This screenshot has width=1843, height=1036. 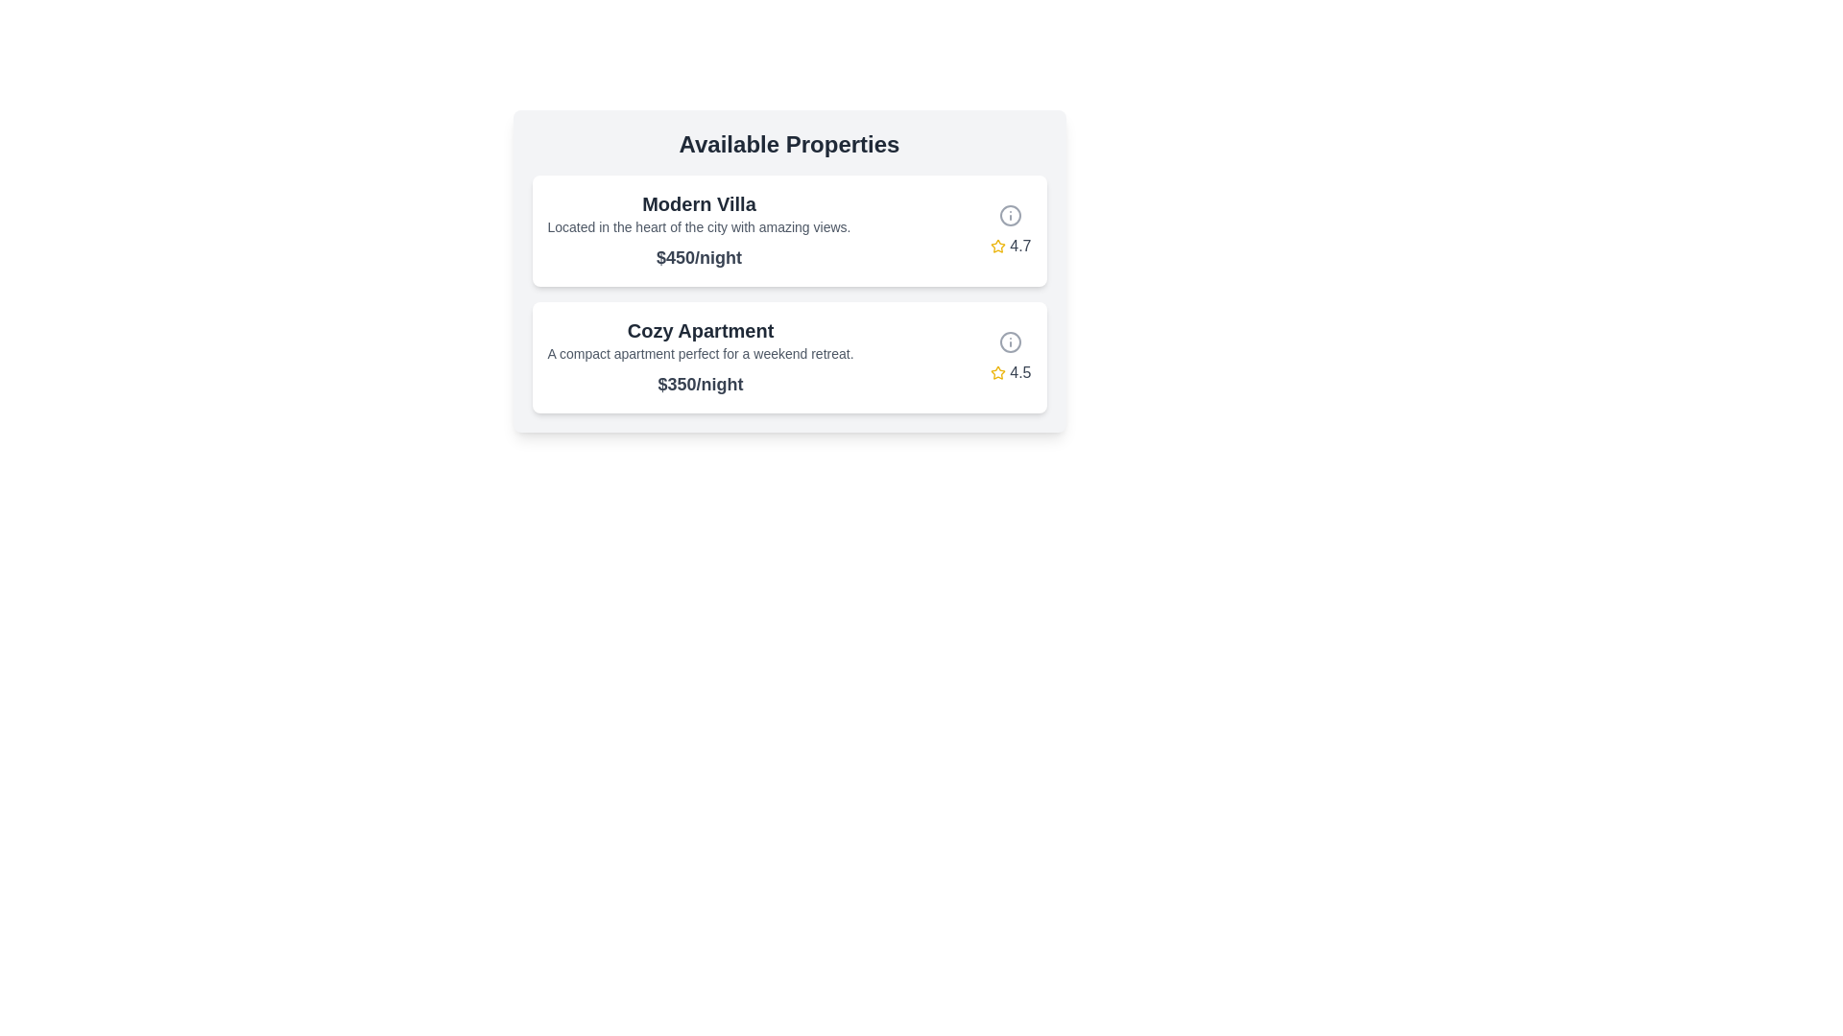 I want to click on the text label displaying the numerical rating '4.7' next to the star icon in the 'Modern Villa' property listing, so click(x=1019, y=246).